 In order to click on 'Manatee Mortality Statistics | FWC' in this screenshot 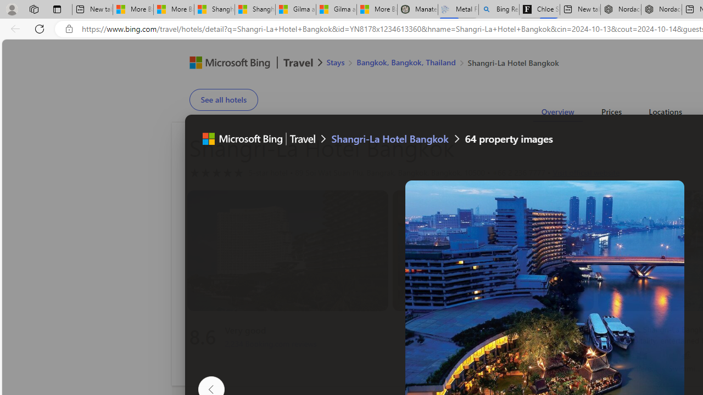, I will do `click(417, 9)`.